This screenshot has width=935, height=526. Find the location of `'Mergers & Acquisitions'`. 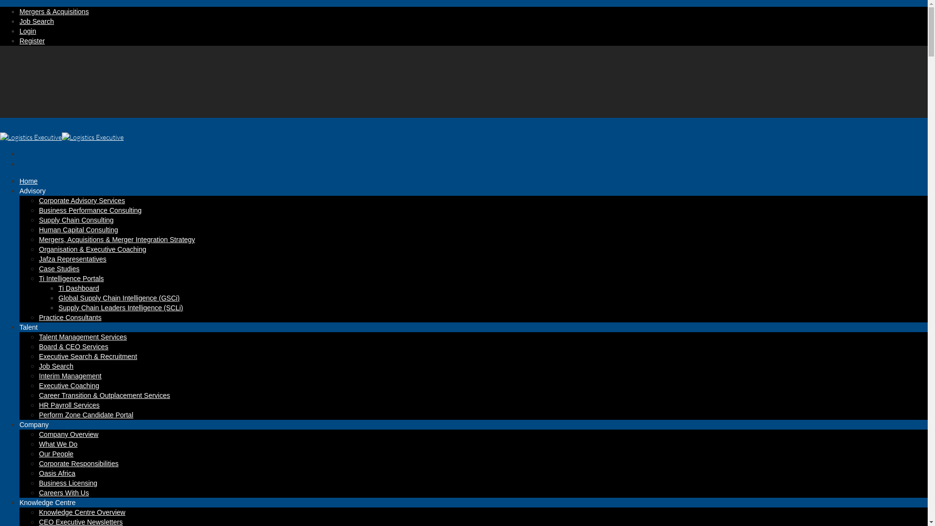

'Mergers & Acquisitions' is located at coordinates (19, 11).